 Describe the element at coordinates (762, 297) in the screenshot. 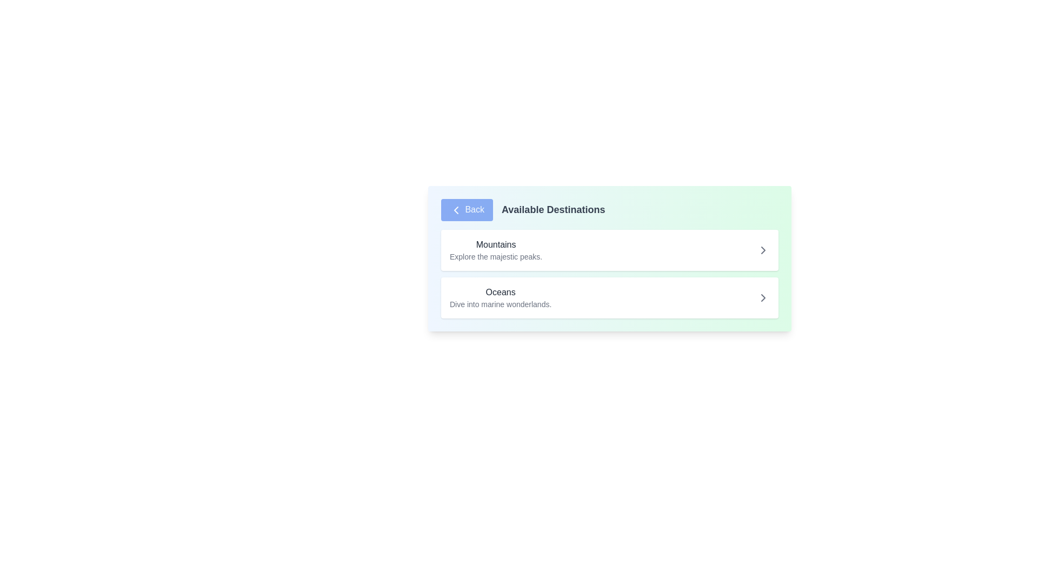

I see `the chevron arrow icon on the right side of the 'Oceans' row to potentially reveal a tooltip or effect` at that location.